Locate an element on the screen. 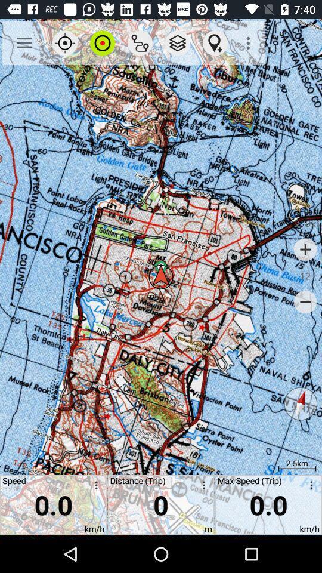  speed options is located at coordinates (94, 487).